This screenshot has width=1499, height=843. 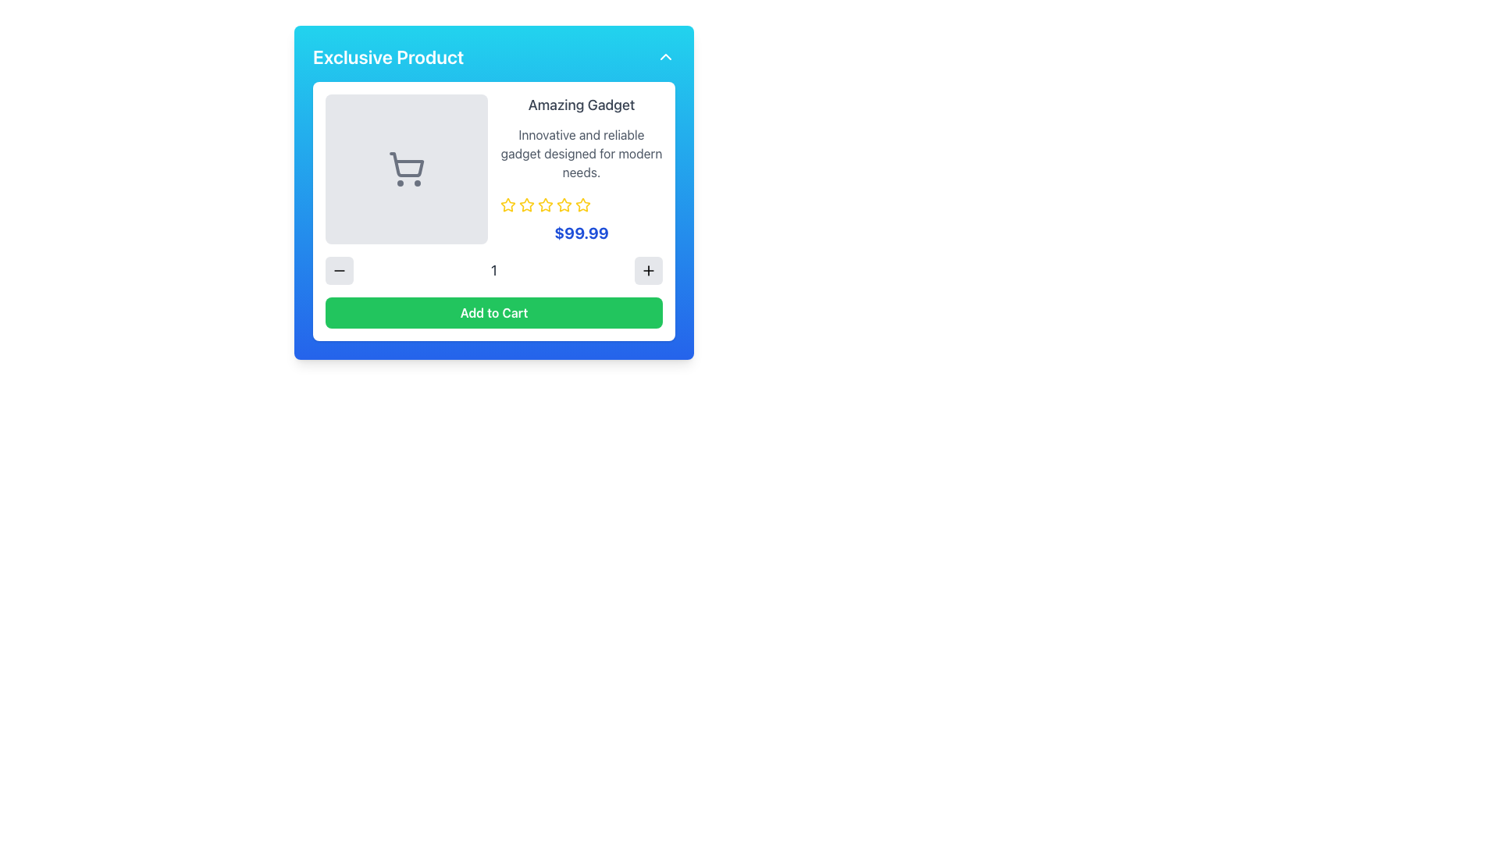 I want to click on the text label displaying the current quantity of an item located at the bottom part of the product card, between the decrement and increment buttons, so click(x=493, y=270).